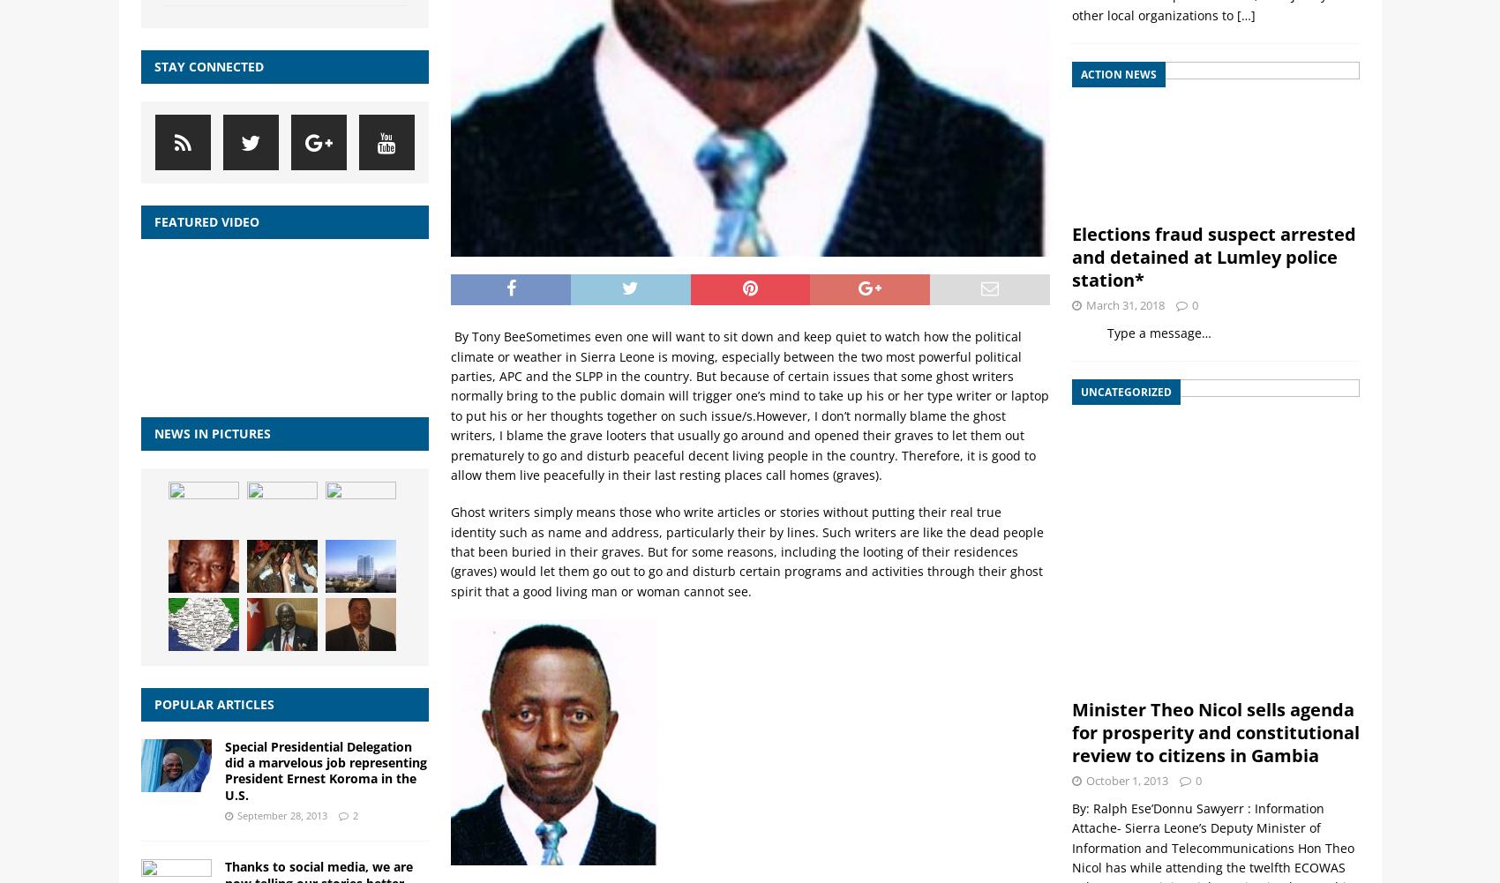  I want to click on 'Special Presidential Delegation did a marvelous job representing President Ernest Koroma in the U.S.', so click(324, 770).